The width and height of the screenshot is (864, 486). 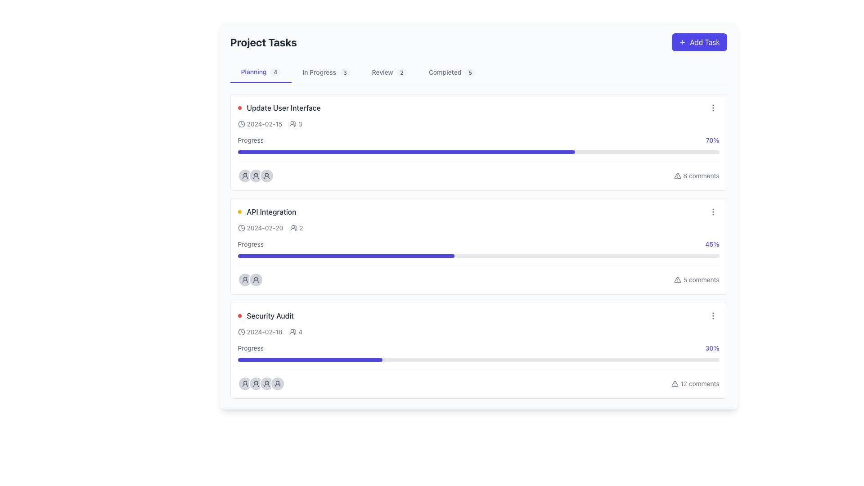 I want to click on the icon indicating the action related to adding a new task, which is positioned to the left of the 'Add Task' button in the top-right corner of the interface, so click(x=683, y=42).